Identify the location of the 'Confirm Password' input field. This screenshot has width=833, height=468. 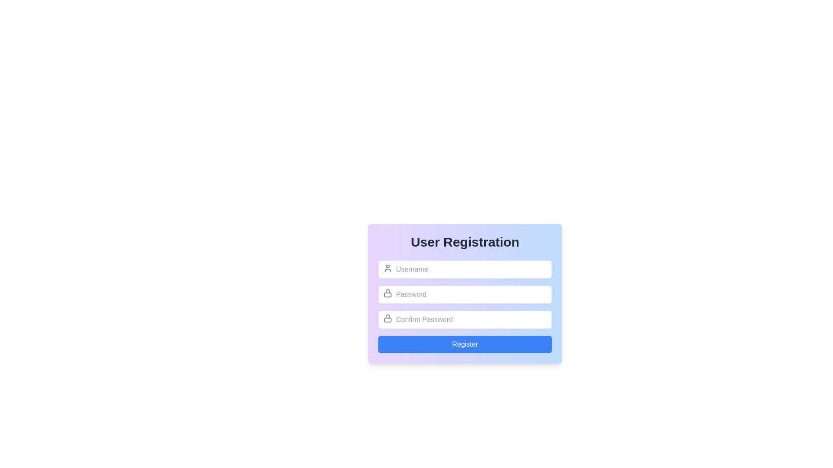
(464, 319).